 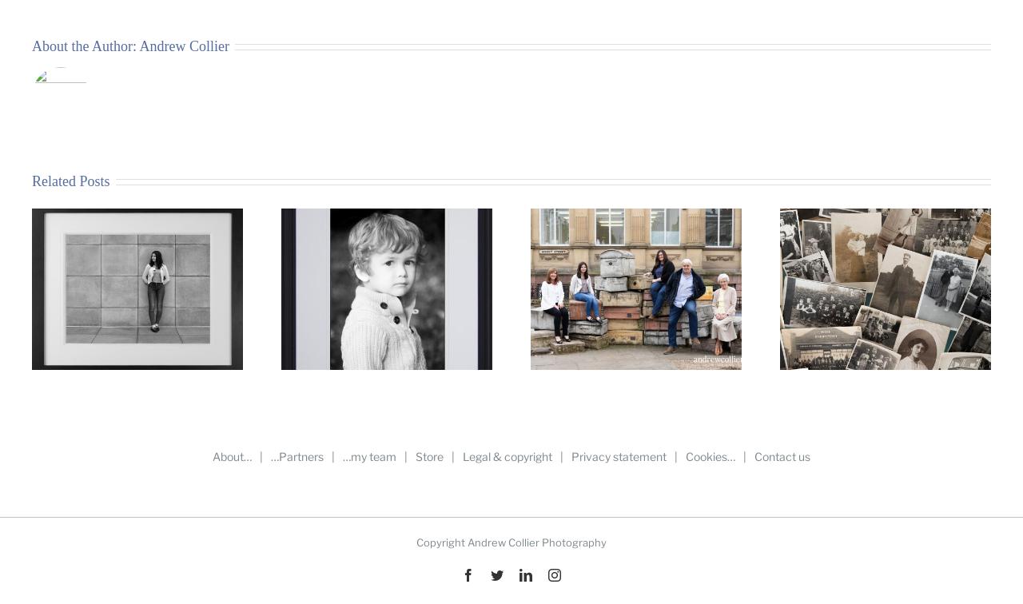 I want to click on 'About…', so click(x=231, y=456).